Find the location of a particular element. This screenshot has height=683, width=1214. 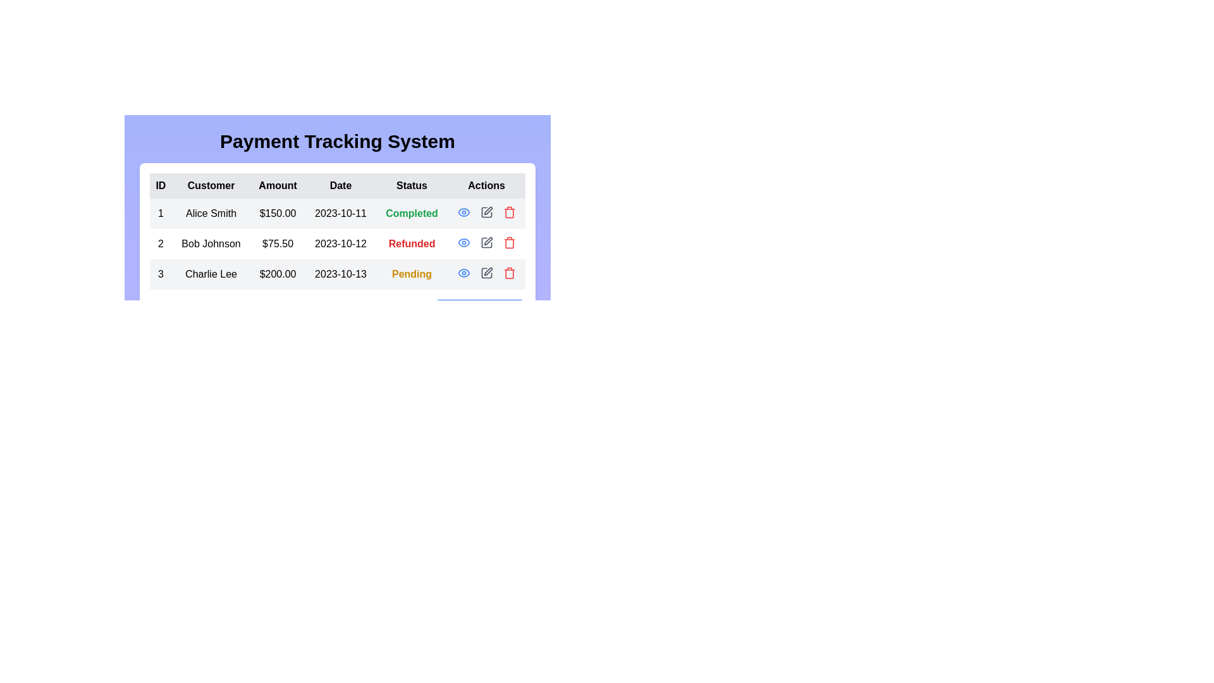

text content of the third row in the 'Payment Tracking System' table, which displays details about a specific transaction is located at coordinates (337, 274).